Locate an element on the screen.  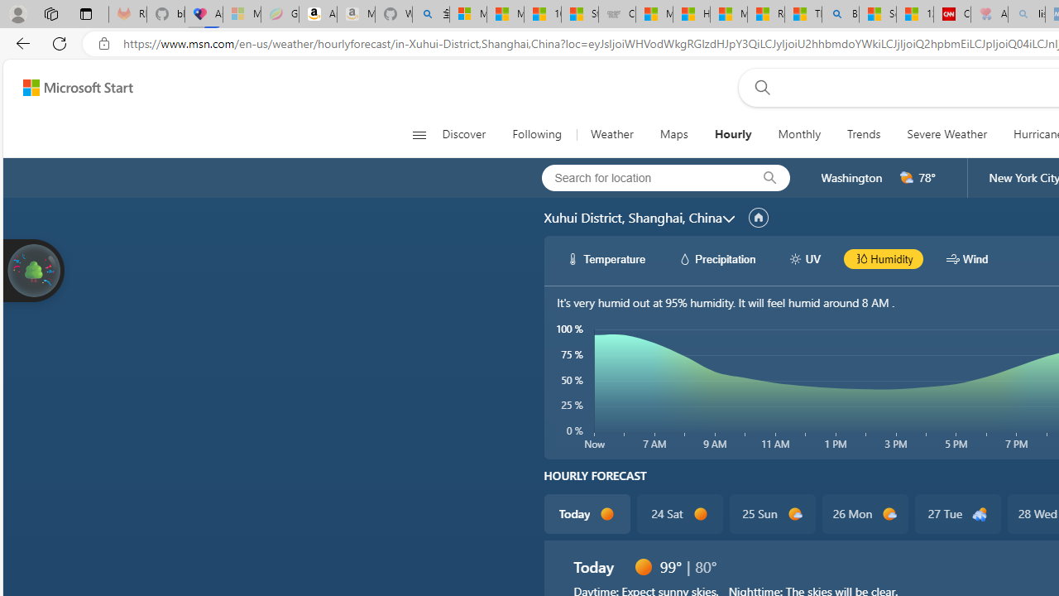
'hourlyChart/uvWhite' is located at coordinates (795, 258).